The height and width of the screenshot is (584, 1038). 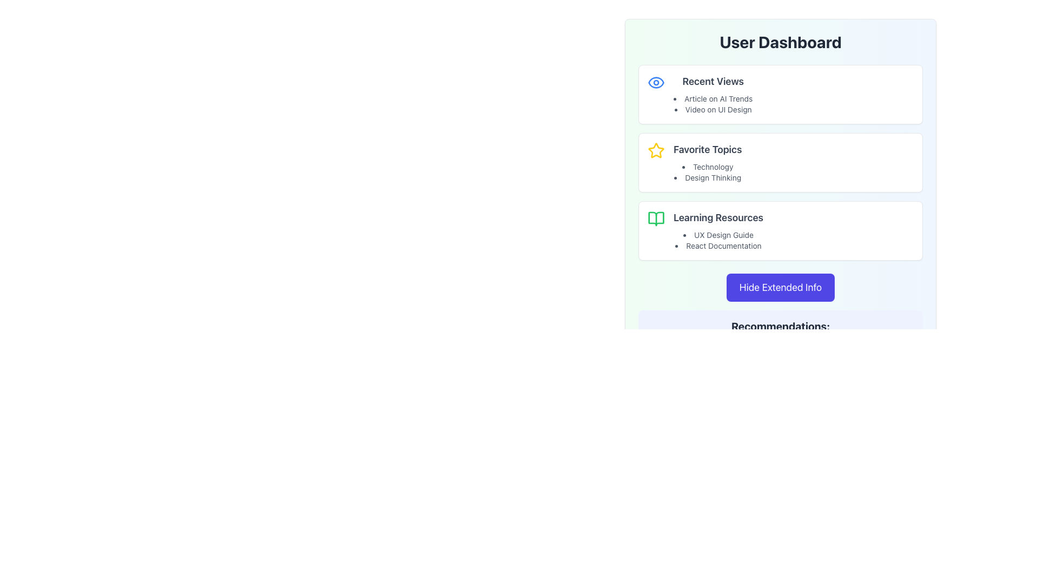 I want to click on the blue eye icon located to the left of the 'Recent Views' title text in the User Dashboard section to potentially reveal tooltips, so click(x=656, y=82).